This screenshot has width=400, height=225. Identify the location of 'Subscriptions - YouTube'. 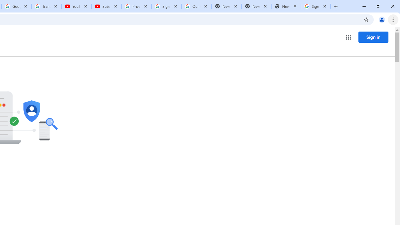
(107, 6).